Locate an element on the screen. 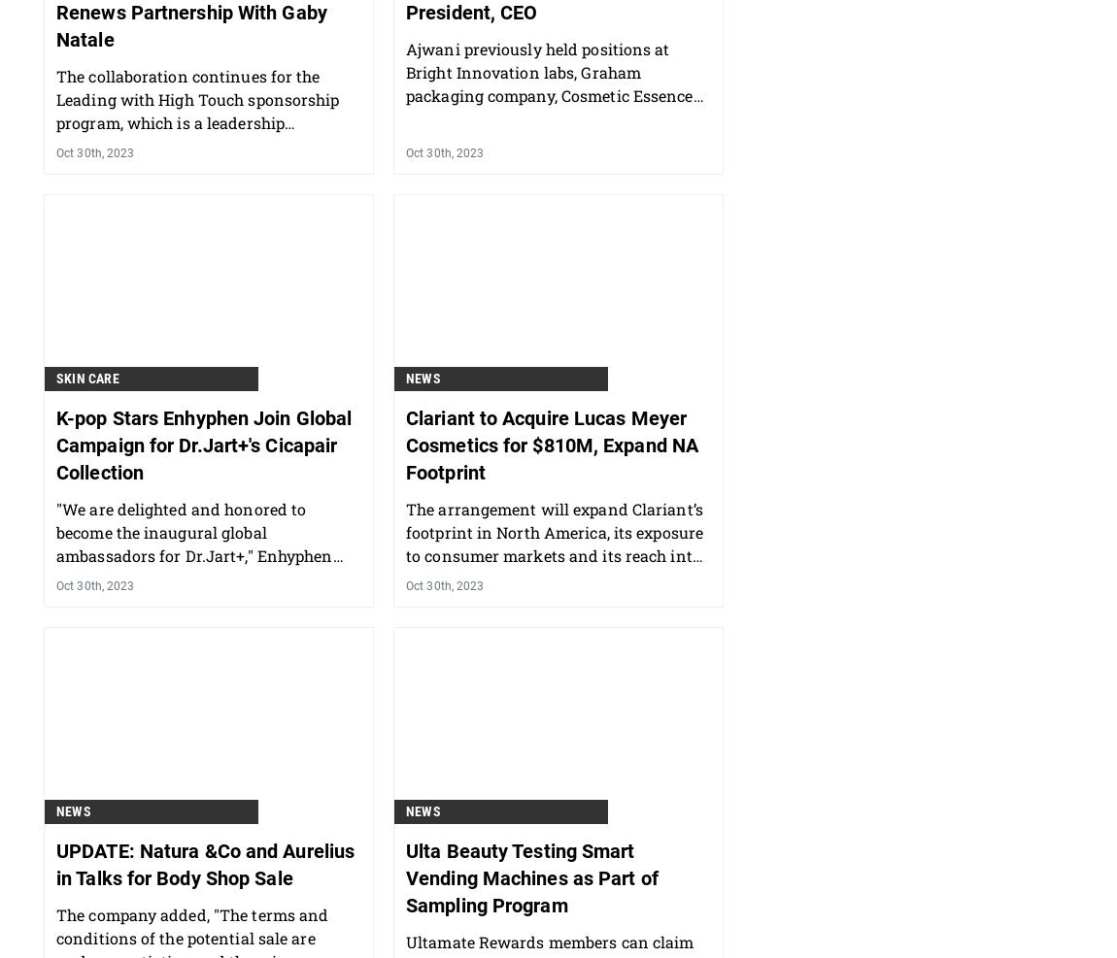 Image resolution: width=1117 pixels, height=958 pixels. 'C-Care Names Gaurav Ajwani President, CEO' is located at coordinates (535, 100).